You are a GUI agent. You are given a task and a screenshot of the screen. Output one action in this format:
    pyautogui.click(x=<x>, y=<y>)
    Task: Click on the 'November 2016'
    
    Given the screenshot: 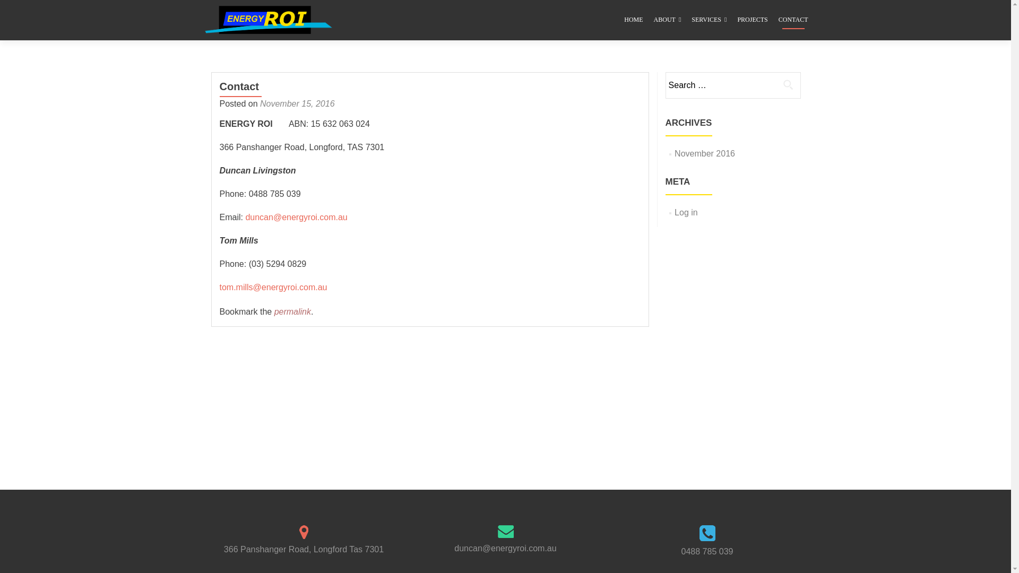 What is the action you would take?
    pyautogui.click(x=705, y=153)
    